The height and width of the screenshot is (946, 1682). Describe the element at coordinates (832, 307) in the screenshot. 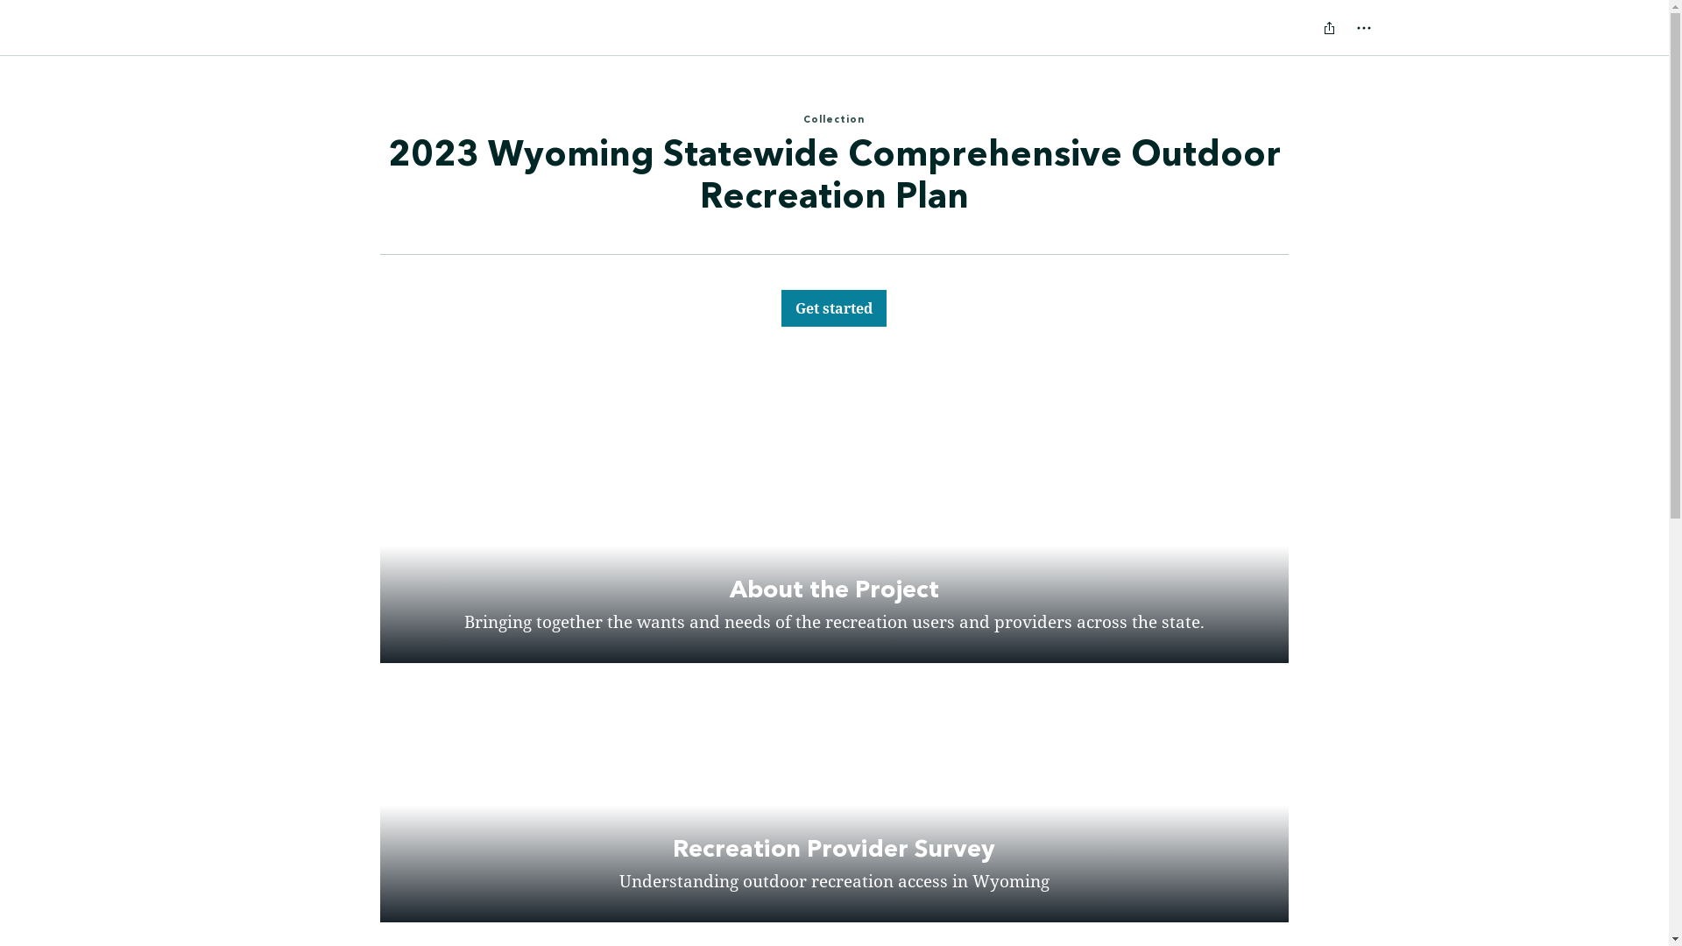

I see `'Get started'` at that location.